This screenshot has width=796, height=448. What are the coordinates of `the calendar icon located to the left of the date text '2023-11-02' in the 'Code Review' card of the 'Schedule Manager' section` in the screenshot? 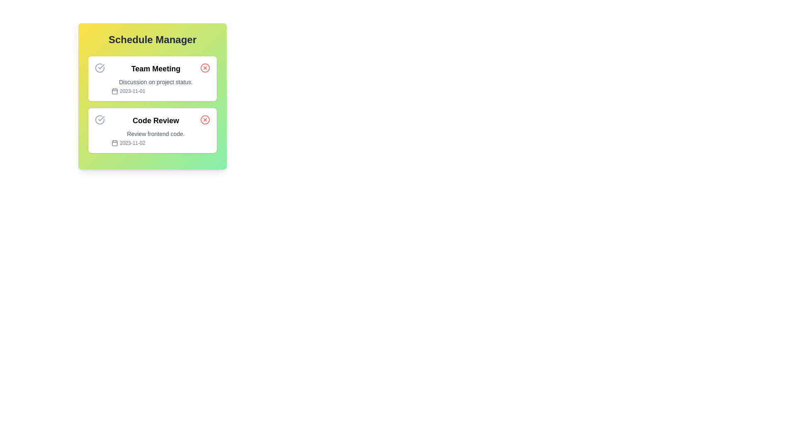 It's located at (114, 142).